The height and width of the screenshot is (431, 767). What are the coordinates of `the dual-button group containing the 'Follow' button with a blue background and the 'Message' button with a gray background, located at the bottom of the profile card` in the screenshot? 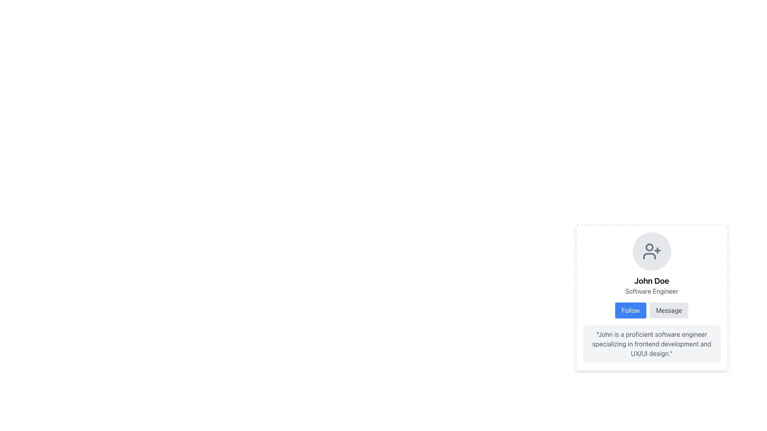 It's located at (652, 310).